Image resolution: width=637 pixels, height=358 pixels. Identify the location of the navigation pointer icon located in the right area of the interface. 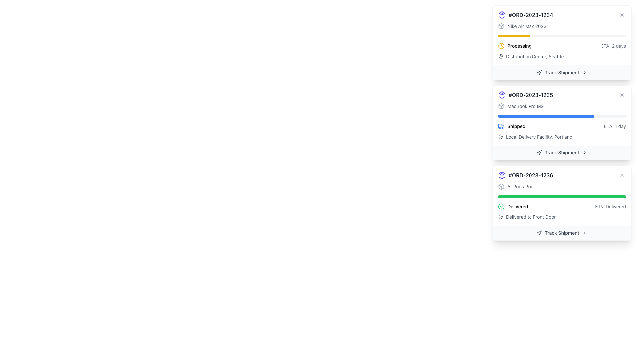
(539, 152).